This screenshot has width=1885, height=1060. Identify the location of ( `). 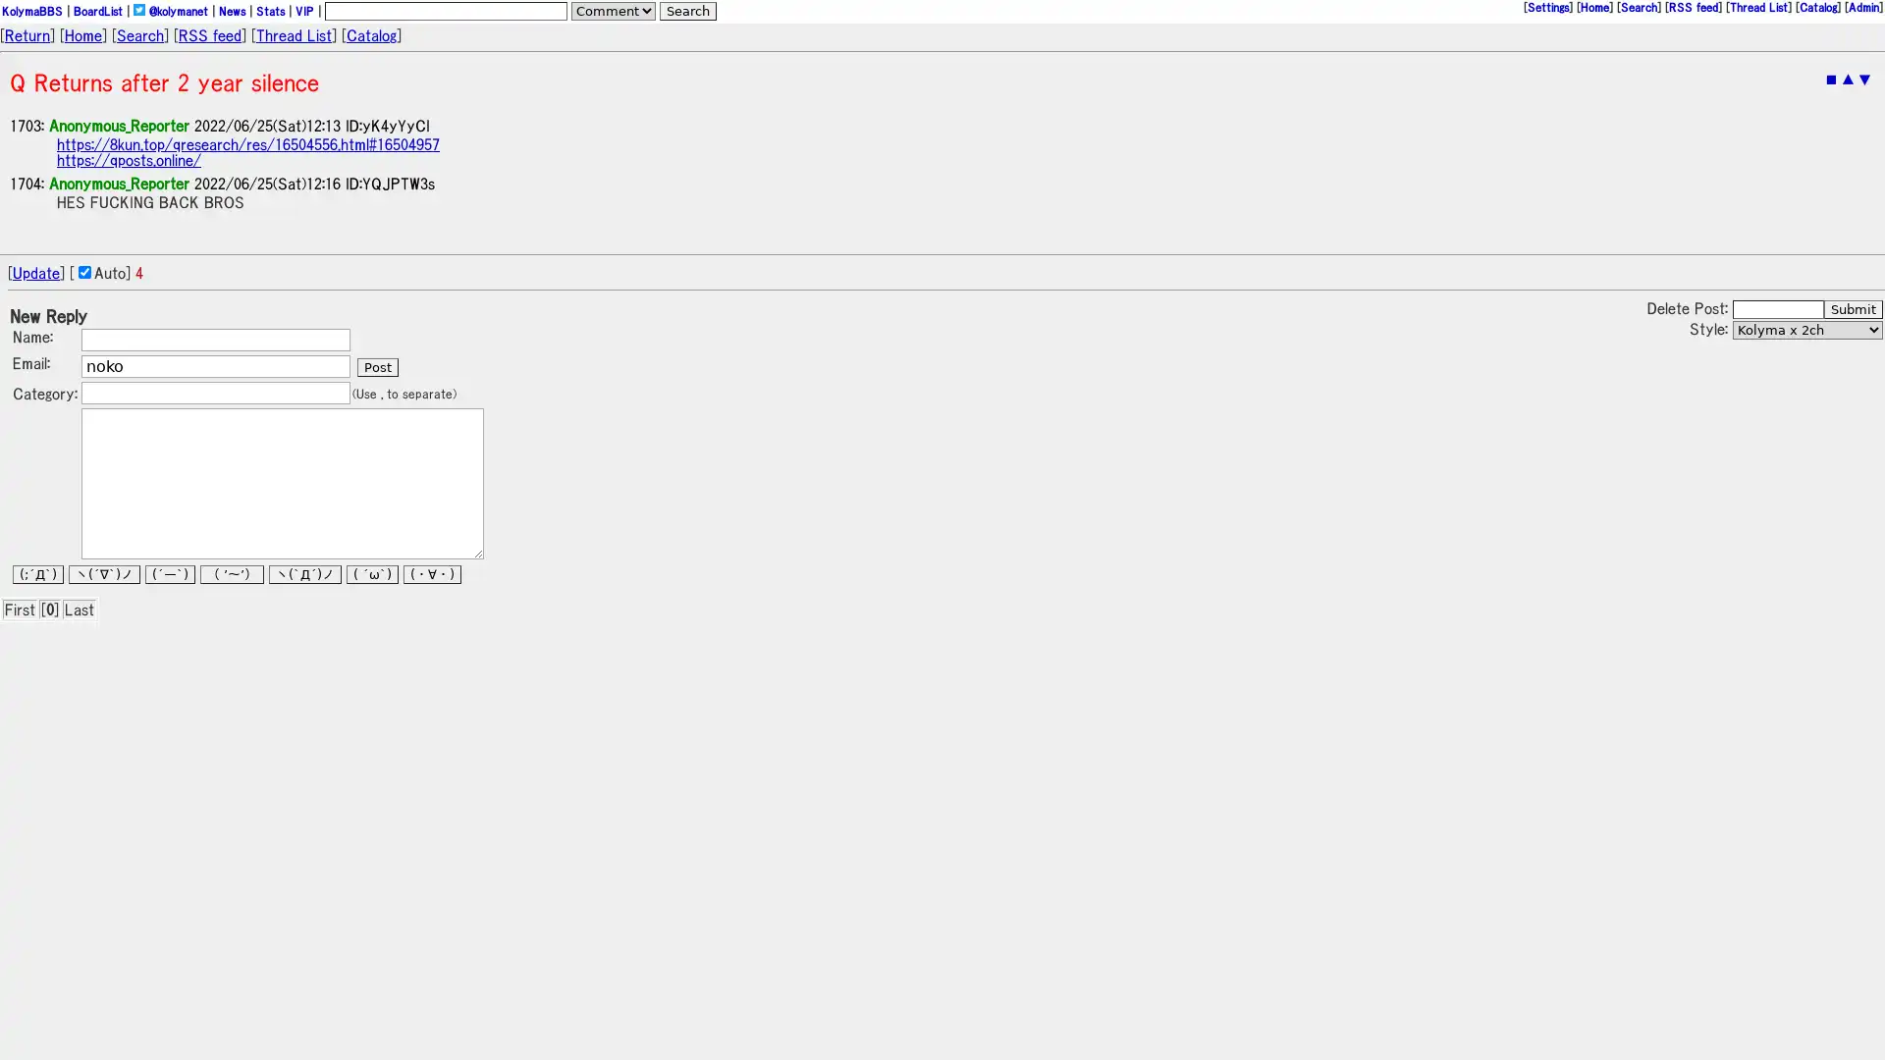
(170, 574).